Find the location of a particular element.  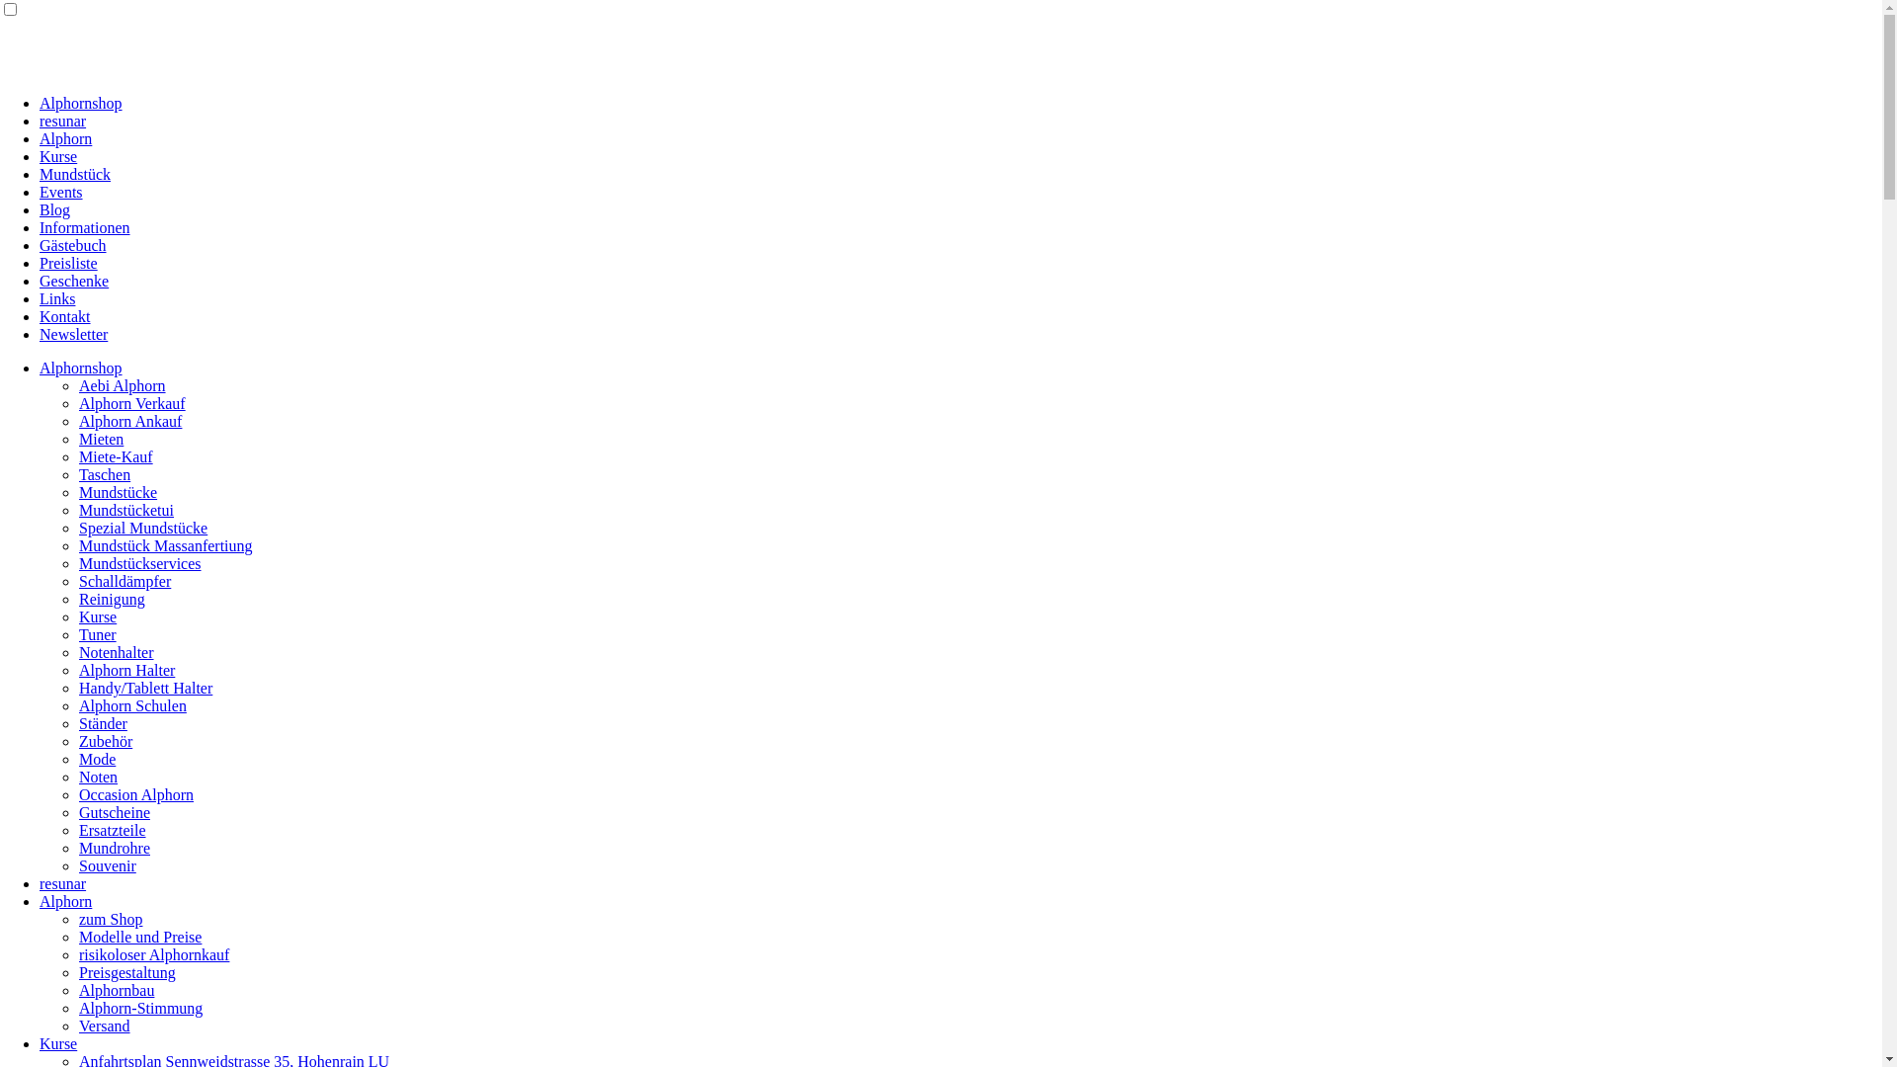

'Miete-Kauf' is located at coordinates (79, 456).